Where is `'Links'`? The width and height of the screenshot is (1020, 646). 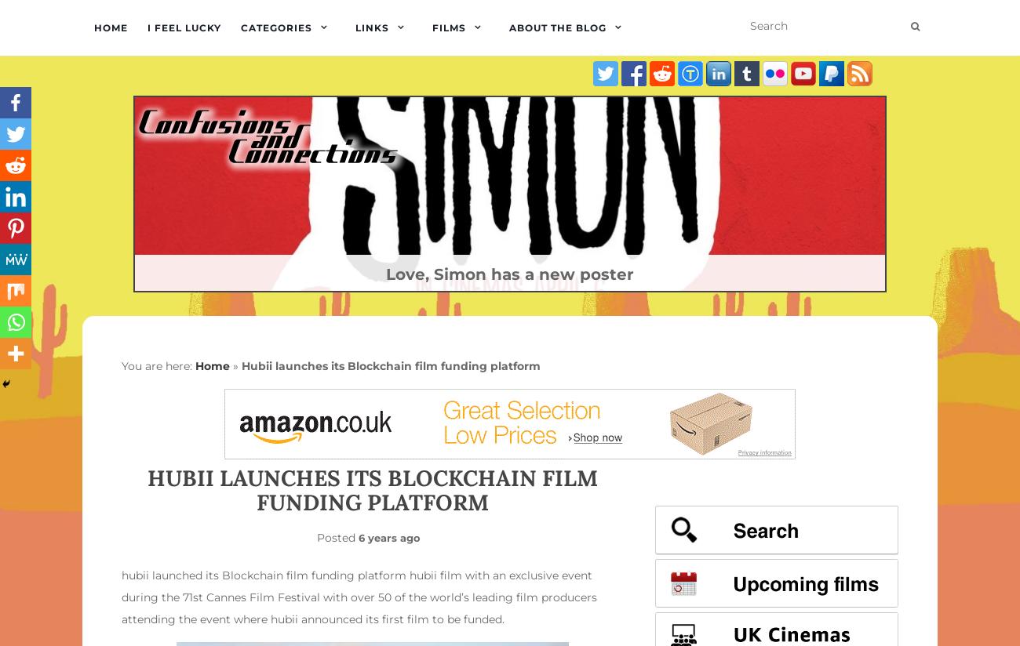
'Links' is located at coordinates (355, 27).